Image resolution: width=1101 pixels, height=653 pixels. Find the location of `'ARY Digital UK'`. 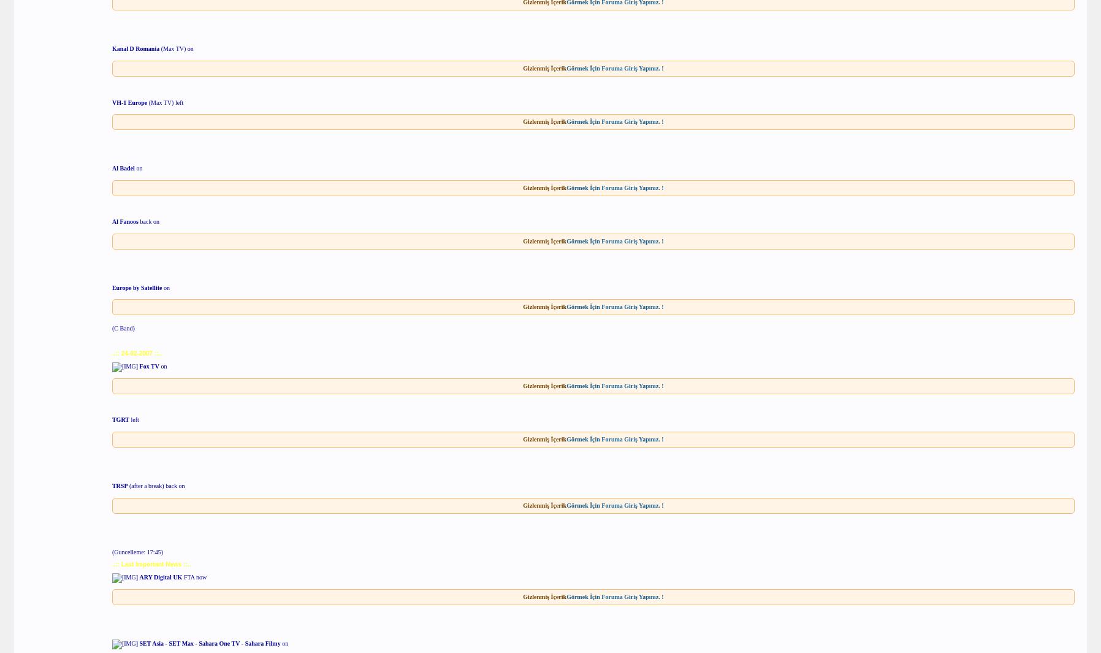

'ARY Digital UK' is located at coordinates (161, 576).